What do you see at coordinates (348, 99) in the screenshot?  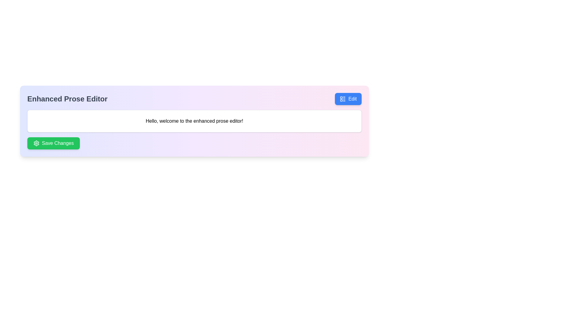 I see `the button with a blue background and white text saying 'Edit', located in the top-right corner above a text field` at bounding box center [348, 99].